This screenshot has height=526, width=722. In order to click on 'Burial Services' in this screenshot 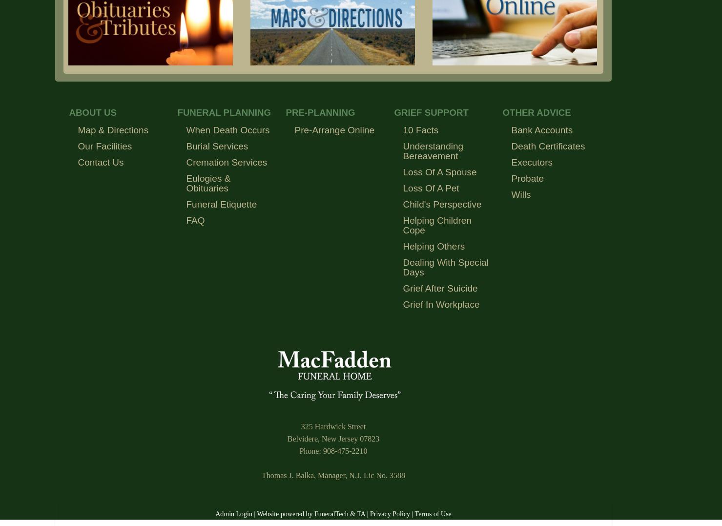, I will do `click(217, 146)`.